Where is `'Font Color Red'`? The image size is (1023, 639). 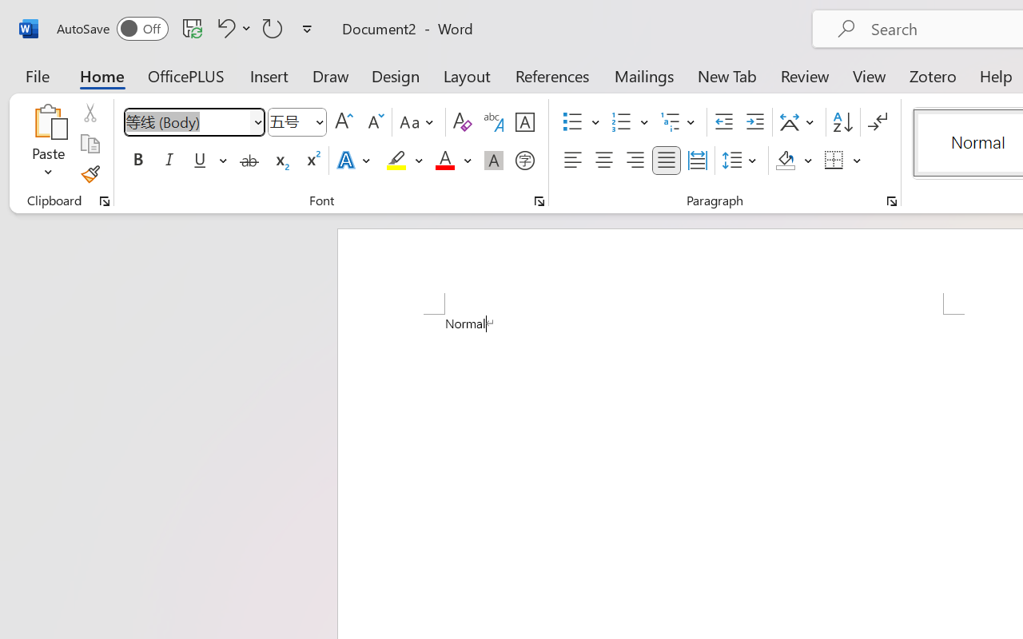 'Font Color Red' is located at coordinates (444, 161).